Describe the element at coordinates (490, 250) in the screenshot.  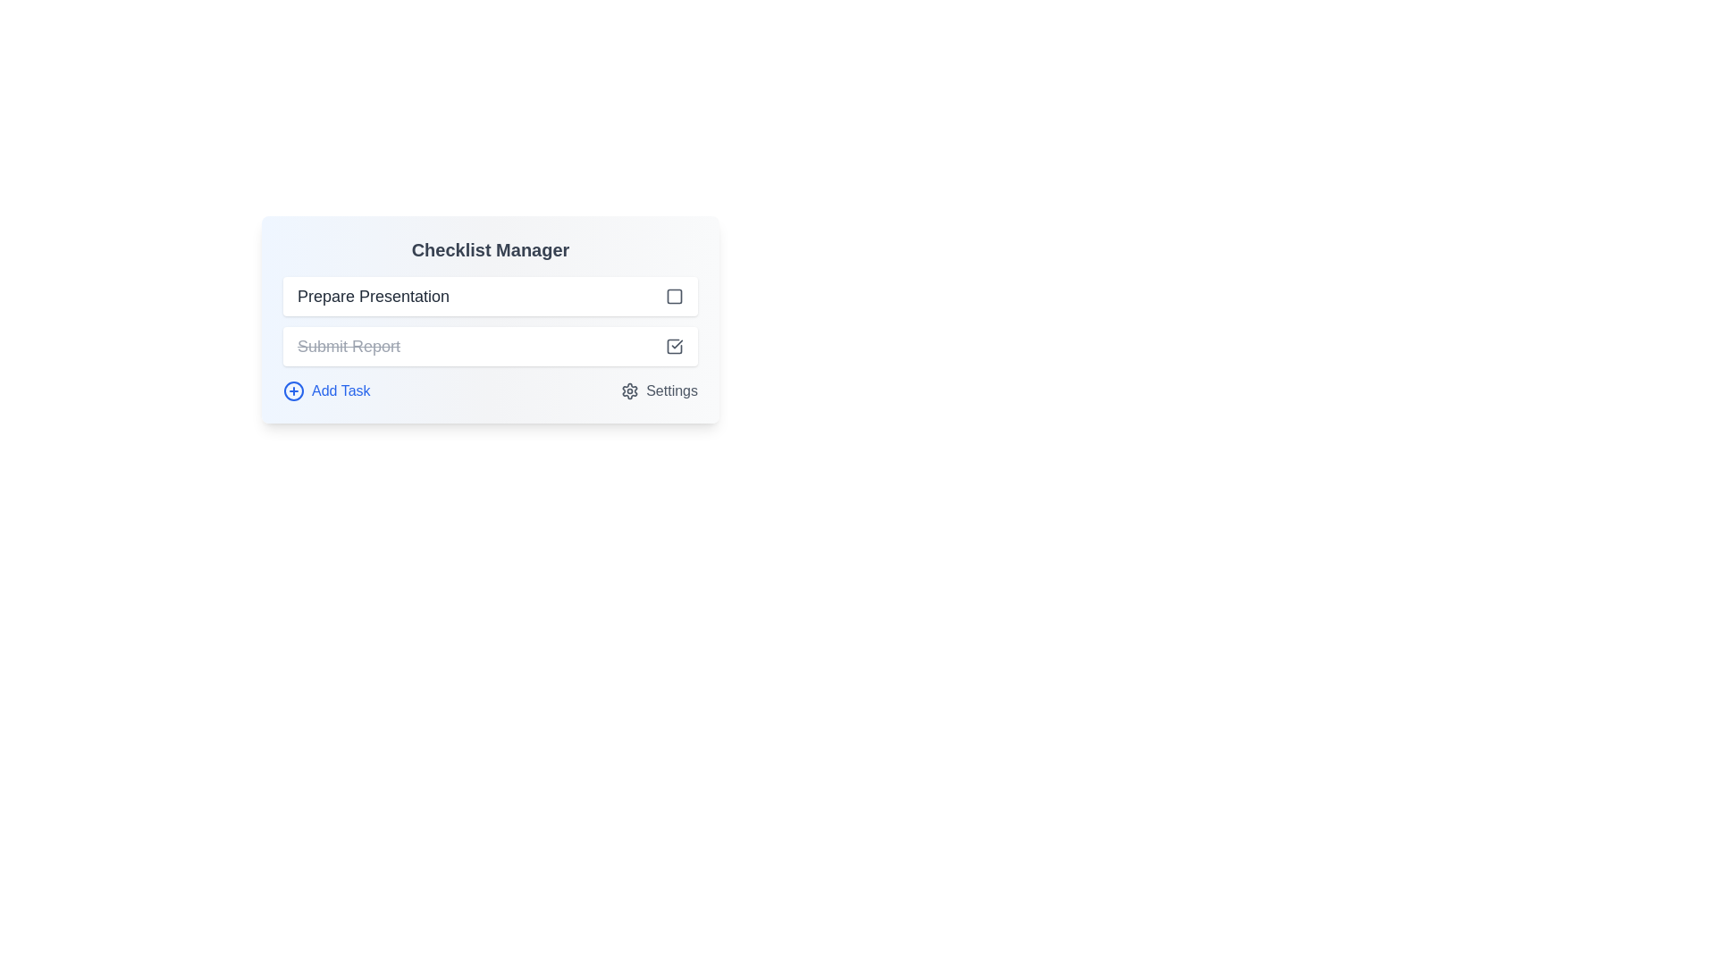
I see `the static text heading 'Checklist Manager' which is displayed in bold and large dark gray font at the top of the interface` at that location.